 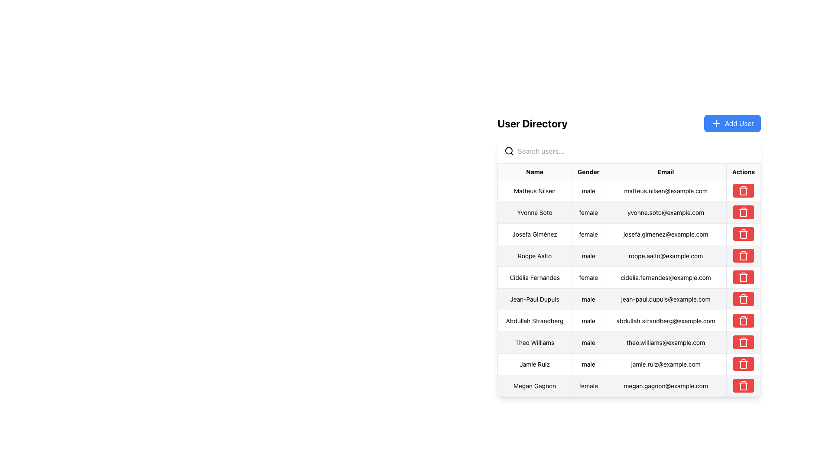 I want to click on the trash icon button with a red background located in the 'Actions' column of the table, so click(x=743, y=364).